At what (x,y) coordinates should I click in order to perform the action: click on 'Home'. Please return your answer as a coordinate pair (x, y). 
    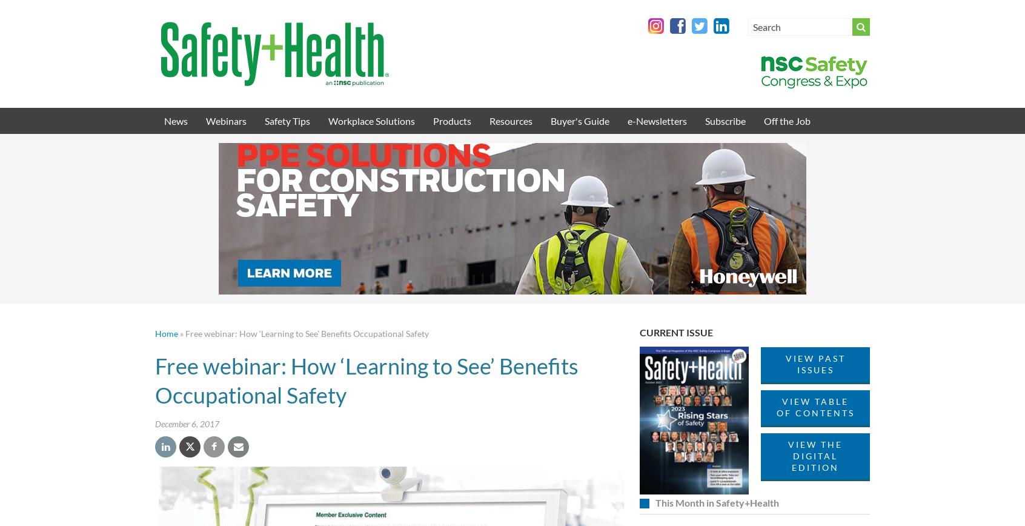
    Looking at the image, I should click on (154, 333).